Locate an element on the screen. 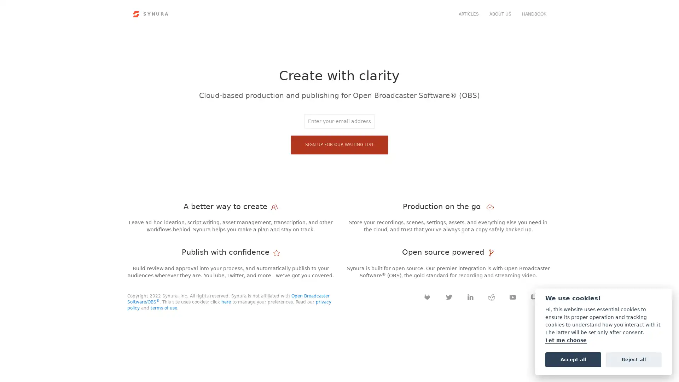 Image resolution: width=679 pixels, height=382 pixels. Reject all is located at coordinates (633, 359).